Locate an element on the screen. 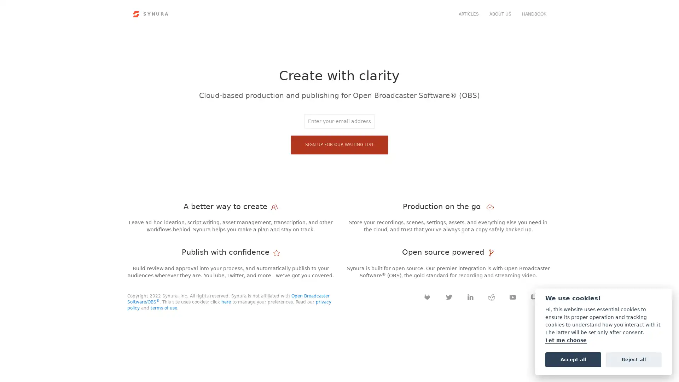 Image resolution: width=679 pixels, height=382 pixels. Reject all is located at coordinates (633, 359).